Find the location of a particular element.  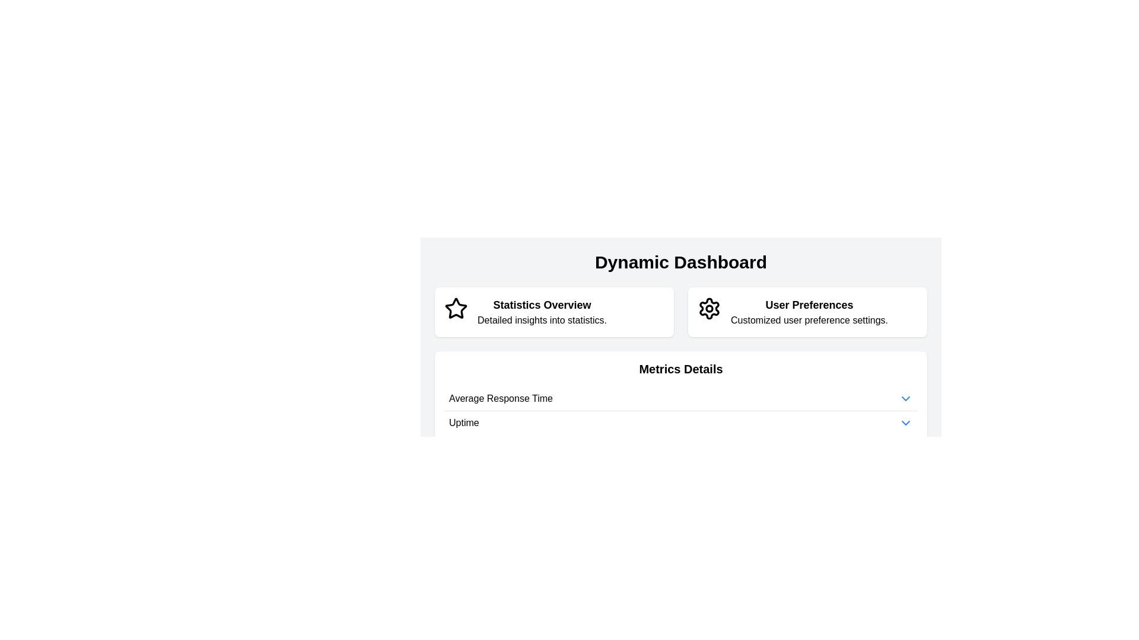

text label header that introduces the section focusing on statistical data, located above the subtitle 'Detailed insights into statistics.' is located at coordinates (541, 305).